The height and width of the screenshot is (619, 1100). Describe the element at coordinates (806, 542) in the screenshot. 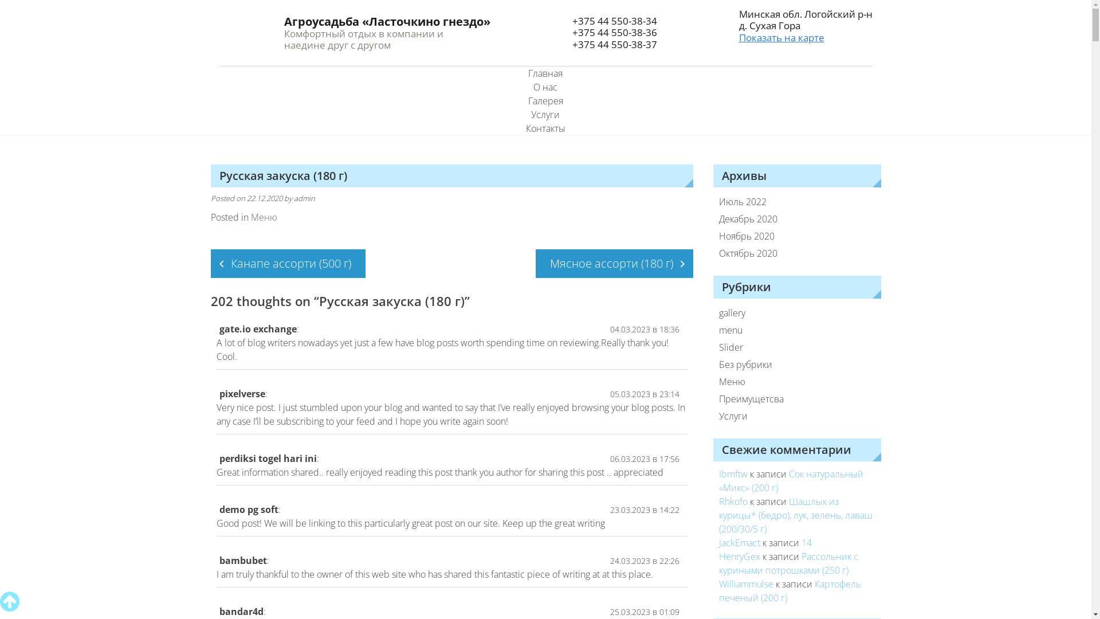

I see `'14'` at that location.